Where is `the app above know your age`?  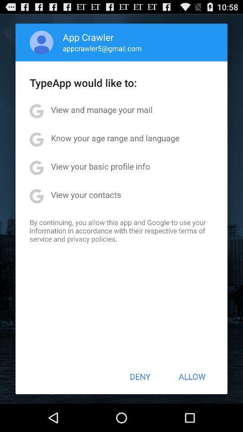 the app above know your age is located at coordinates (101, 109).